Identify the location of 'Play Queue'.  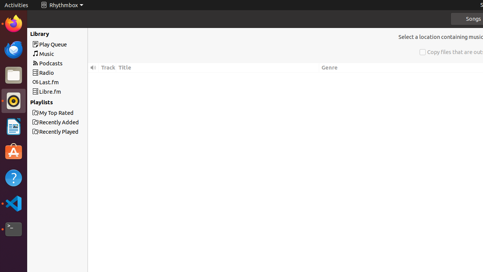
(71, 44).